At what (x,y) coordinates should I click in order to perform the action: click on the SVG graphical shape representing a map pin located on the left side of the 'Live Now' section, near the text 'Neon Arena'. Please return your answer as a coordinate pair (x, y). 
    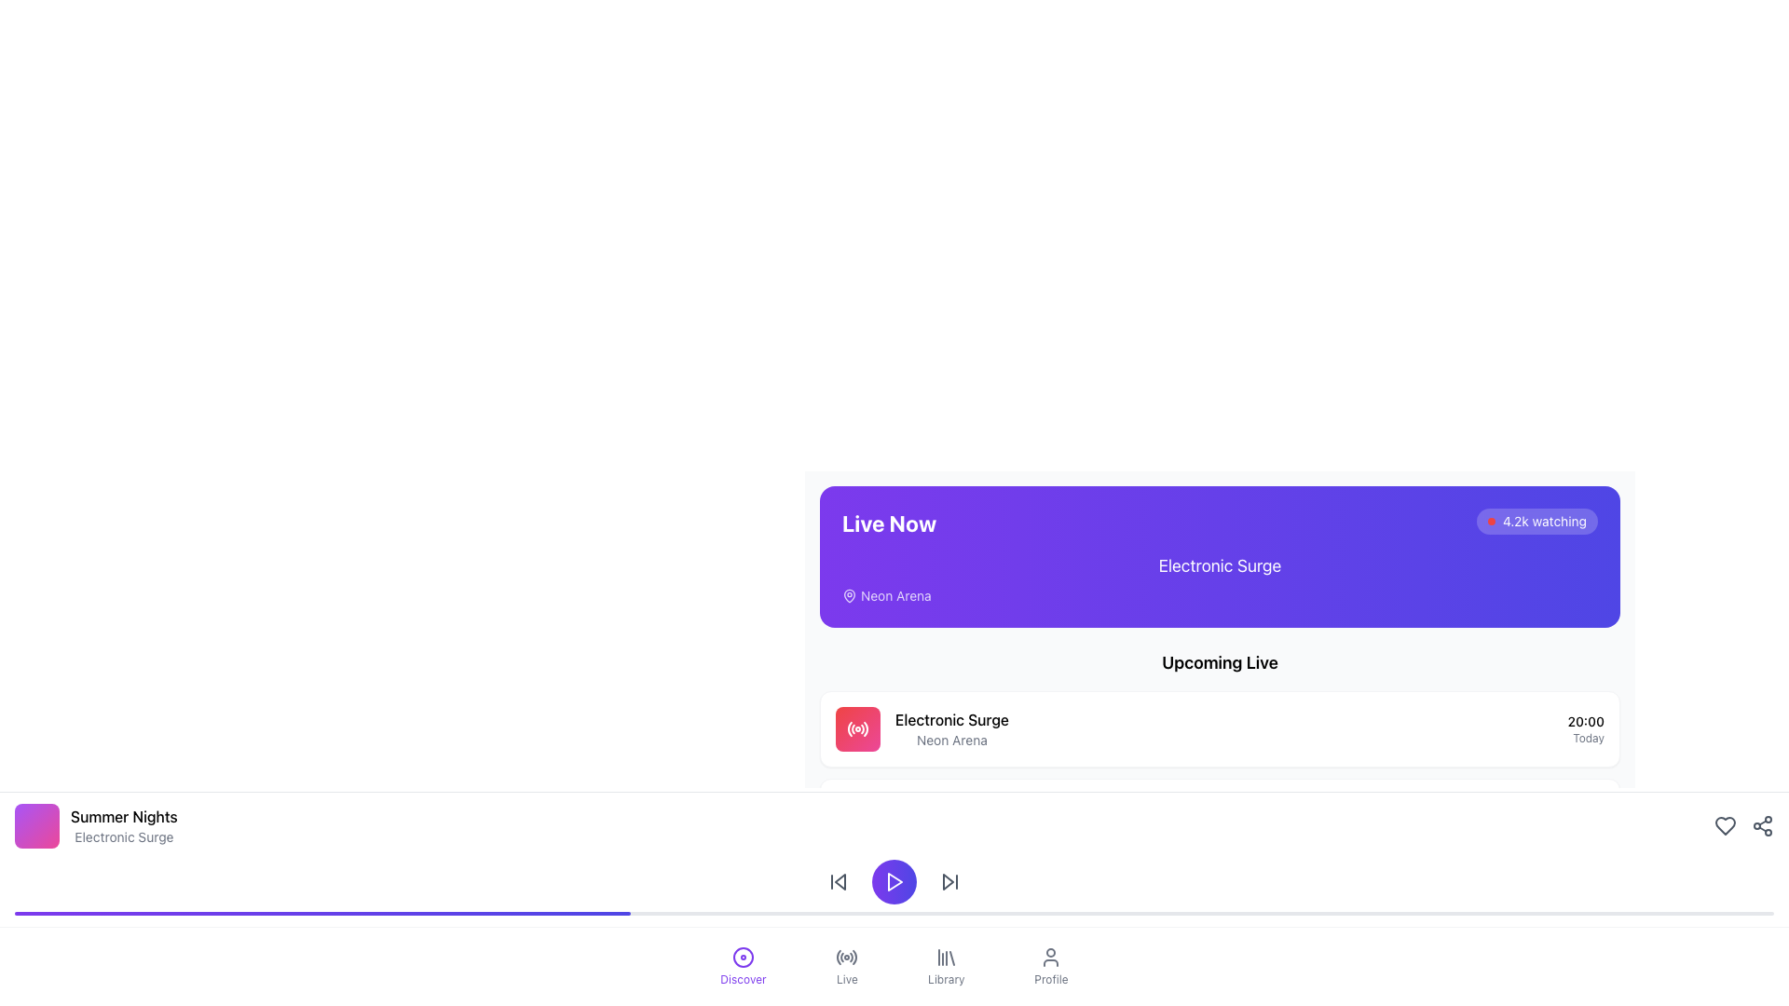
    Looking at the image, I should click on (849, 595).